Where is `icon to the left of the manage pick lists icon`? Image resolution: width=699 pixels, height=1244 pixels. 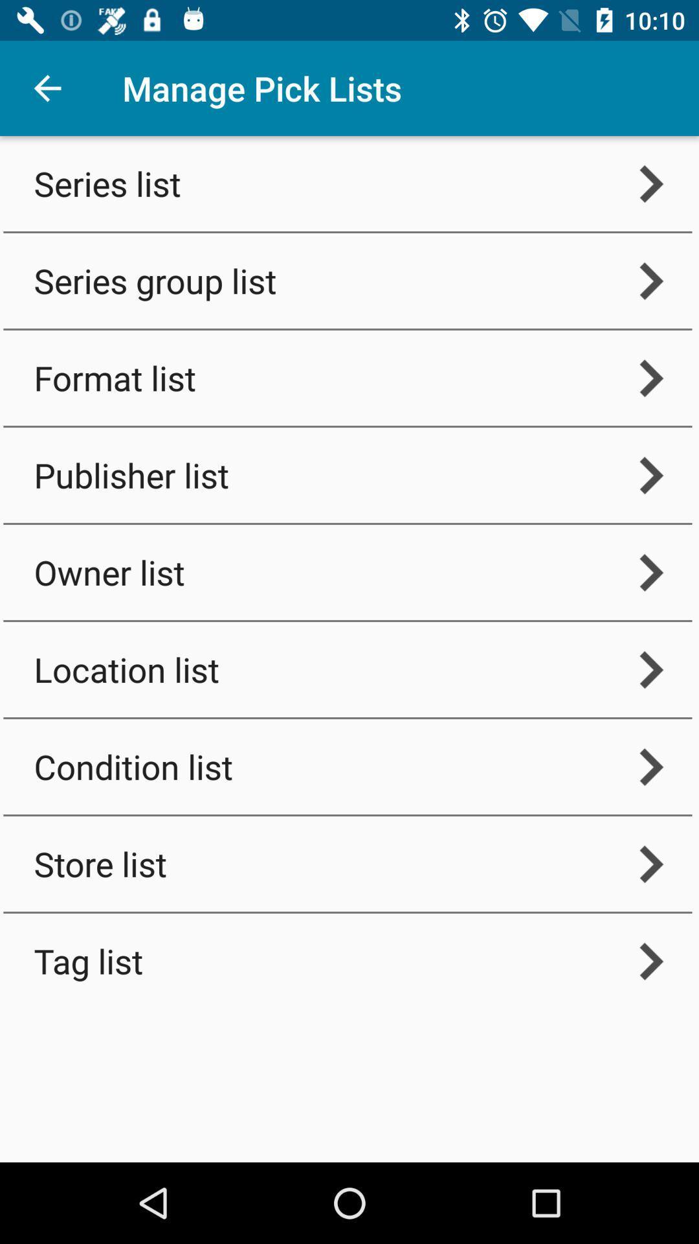
icon to the left of the manage pick lists icon is located at coordinates (47, 87).